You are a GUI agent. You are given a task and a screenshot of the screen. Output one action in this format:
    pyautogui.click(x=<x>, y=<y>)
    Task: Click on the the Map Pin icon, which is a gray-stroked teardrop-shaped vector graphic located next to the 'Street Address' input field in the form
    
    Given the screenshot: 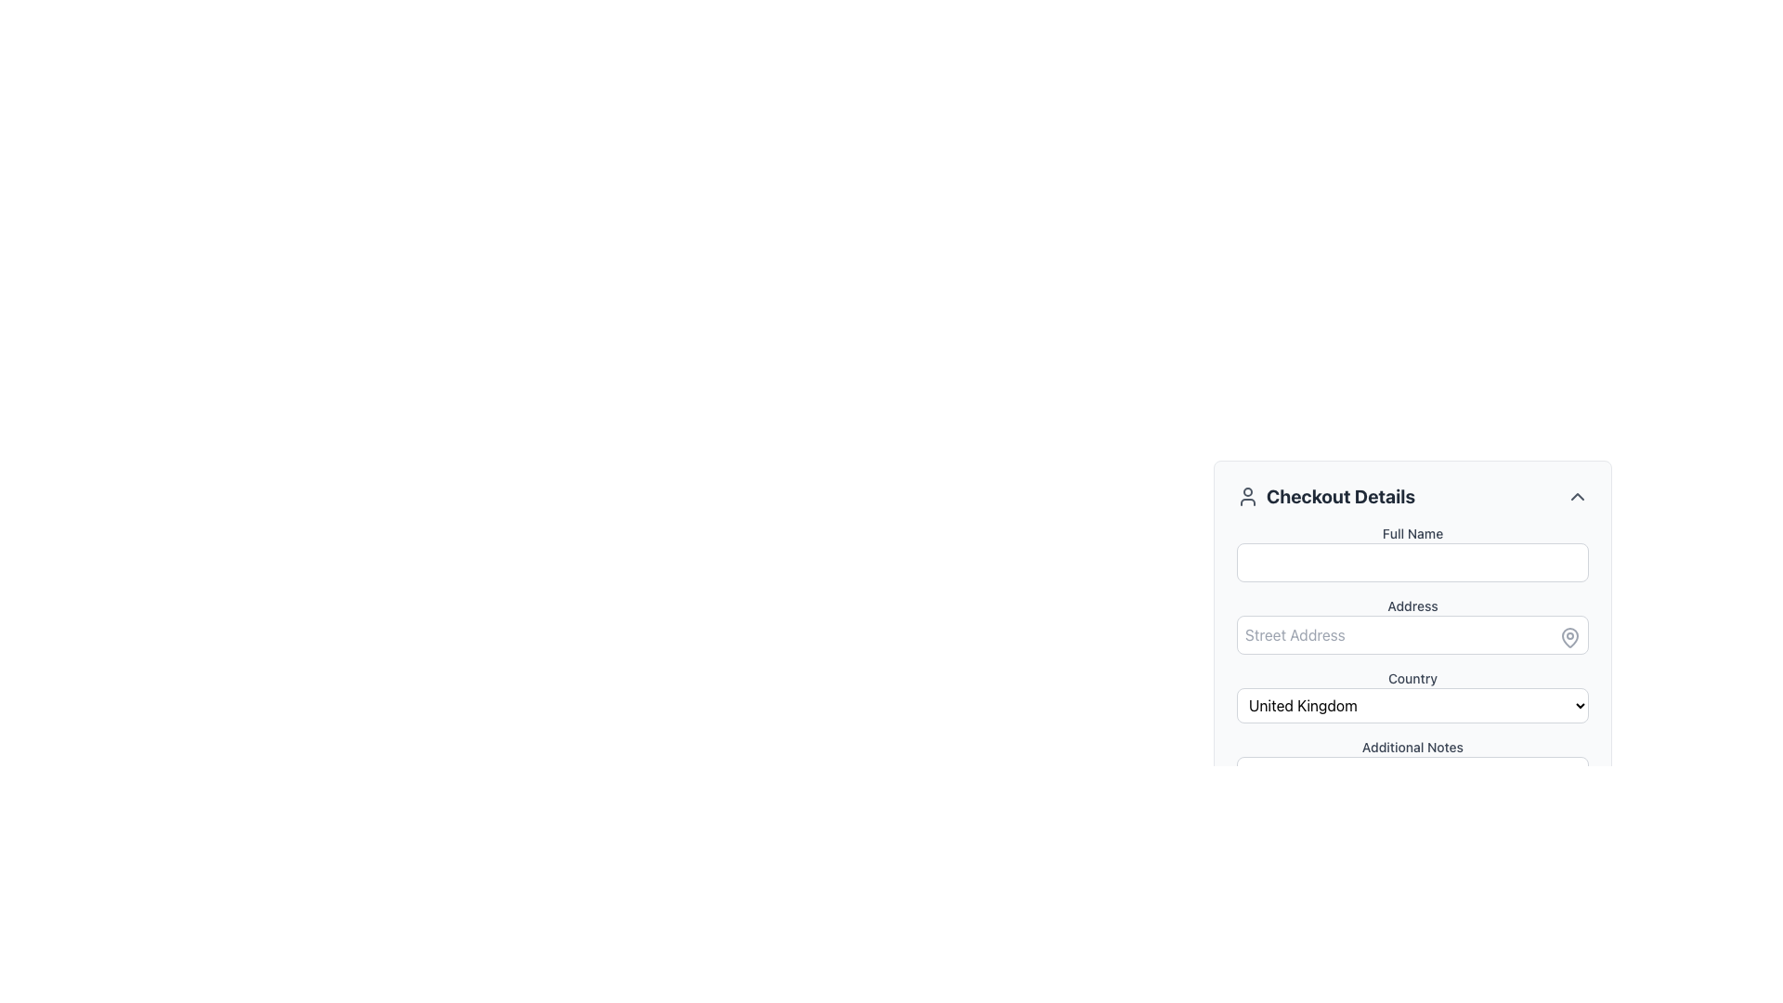 What is the action you would take?
    pyautogui.click(x=1568, y=636)
    